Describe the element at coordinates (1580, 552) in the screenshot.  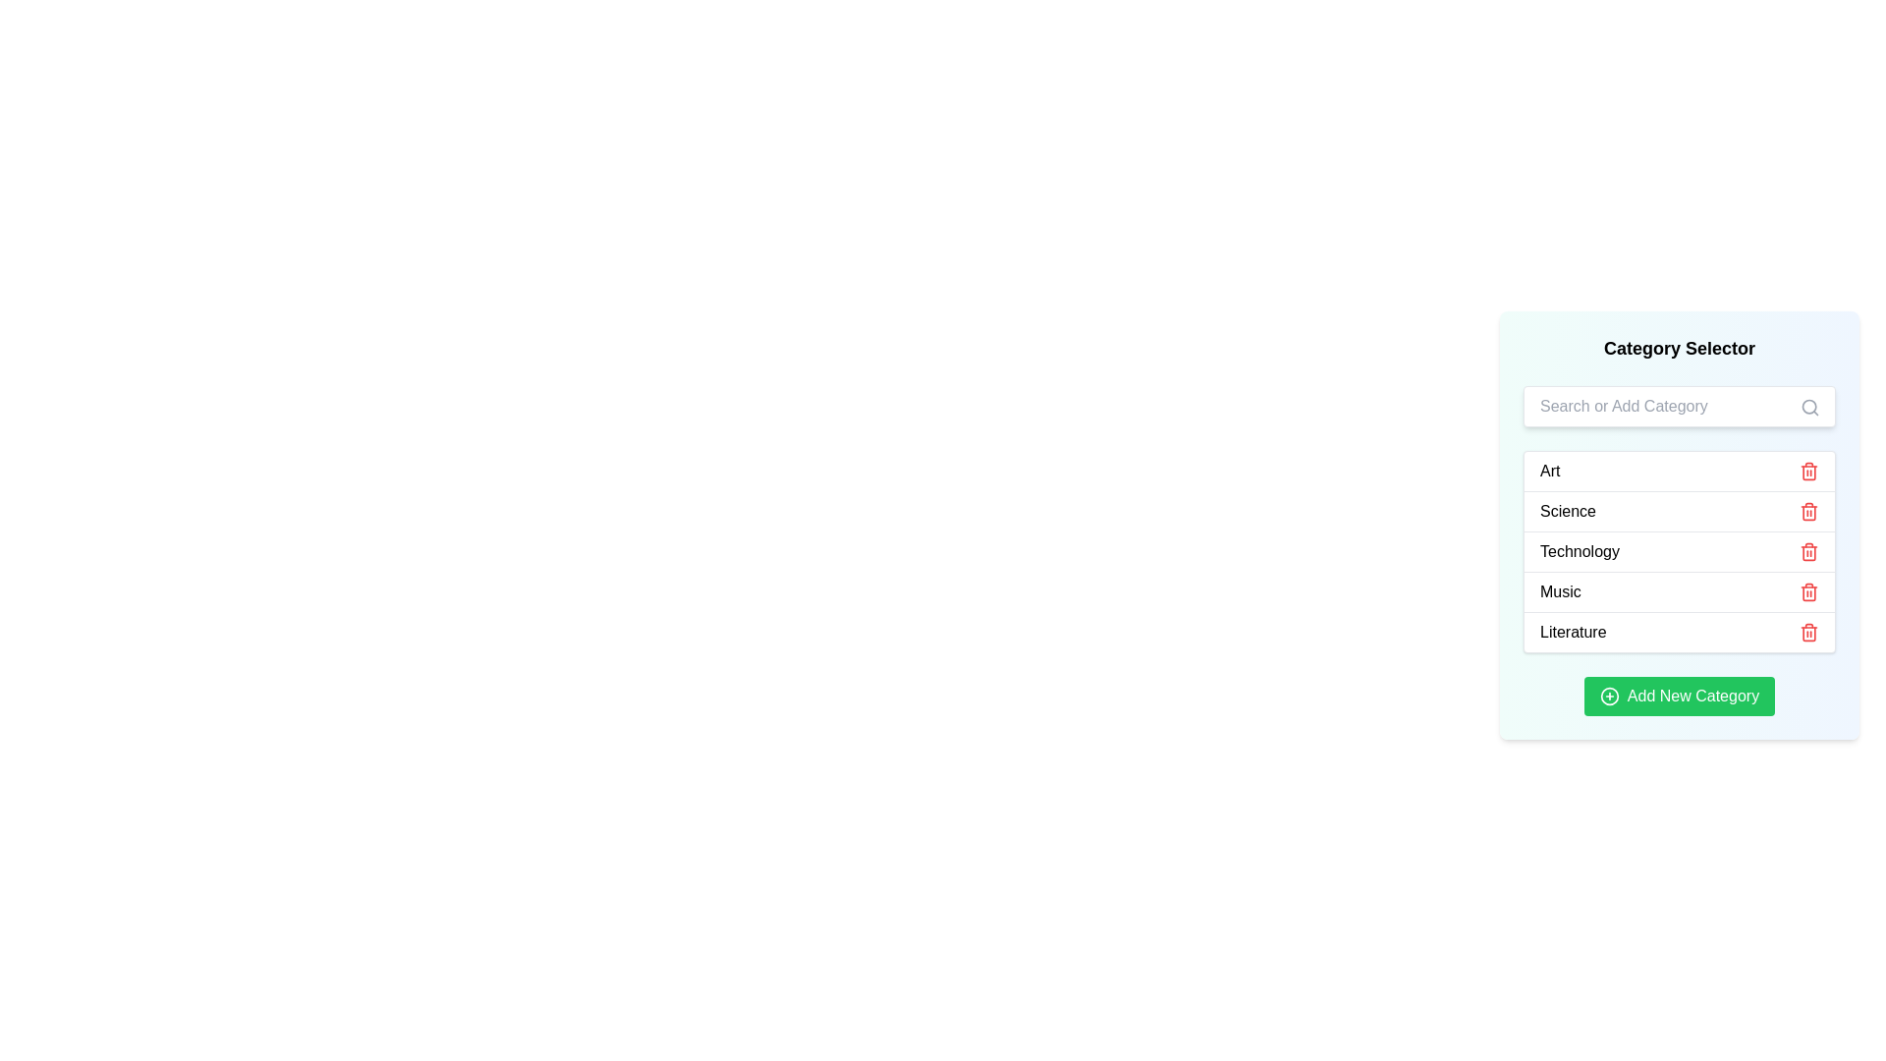
I see `the 'Technology' text label in the 'Category Selector' panel` at that location.